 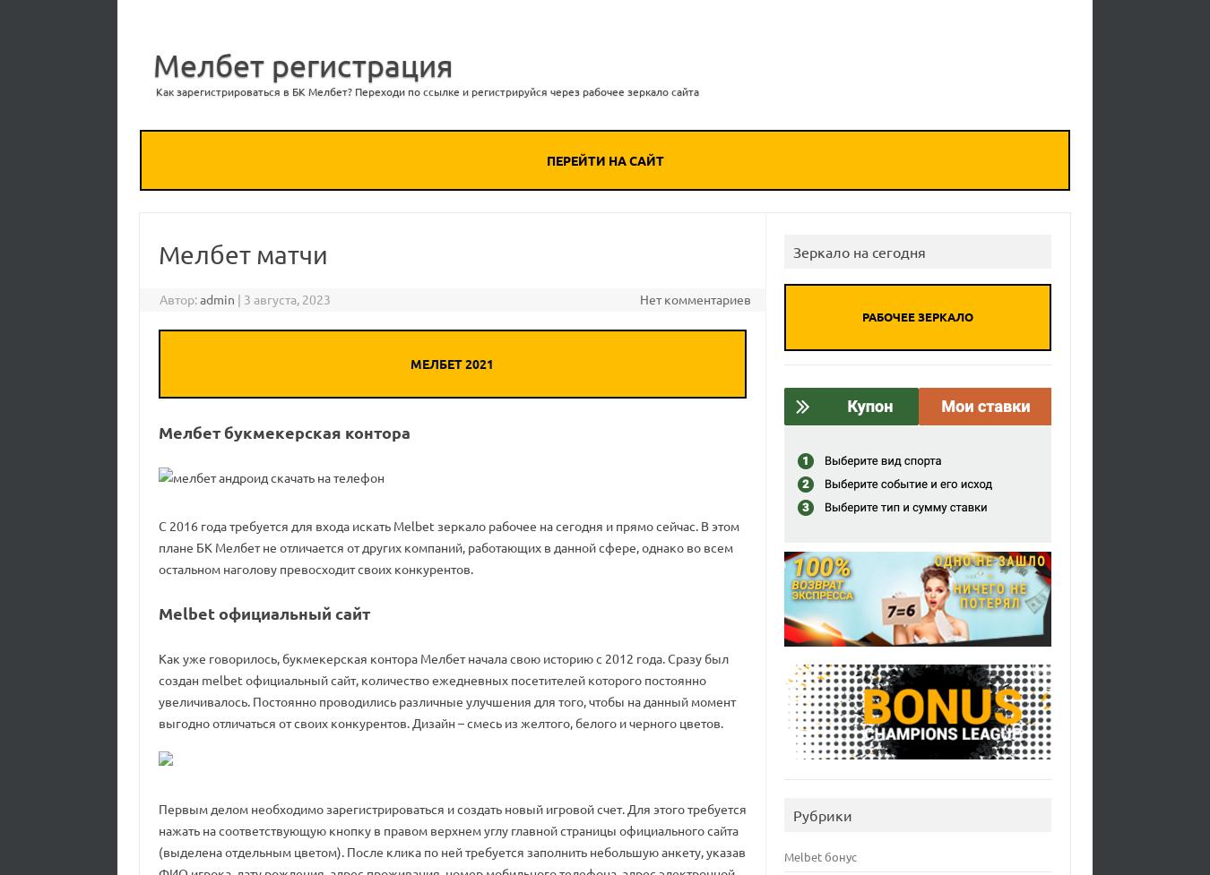 What do you see at coordinates (286, 297) in the screenshot?
I see `'3 августа, 2023'` at bounding box center [286, 297].